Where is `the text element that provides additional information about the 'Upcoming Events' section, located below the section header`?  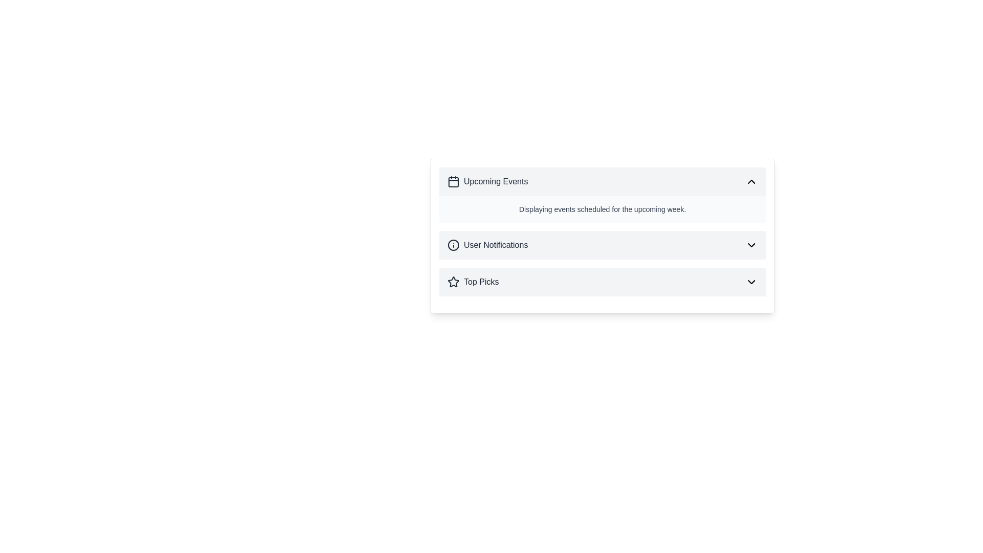 the text element that provides additional information about the 'Upcoming Events' section, located below the section header is located at coordinates (602, 208).